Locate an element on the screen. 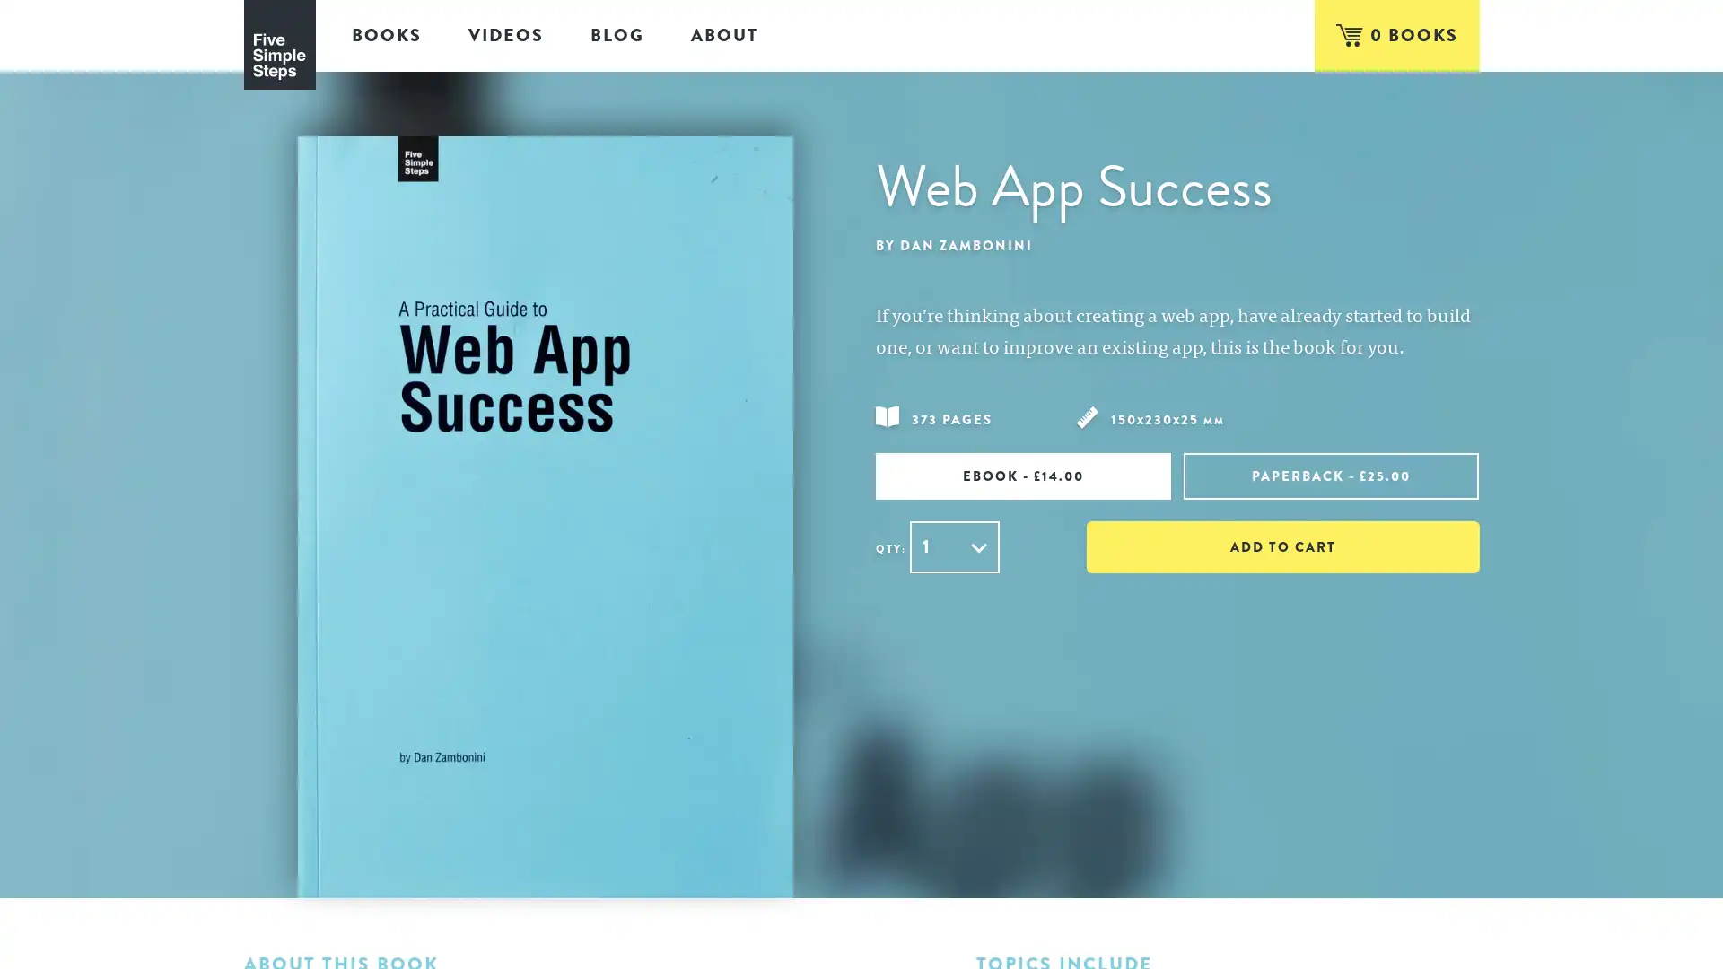 The width and height of the screenshot is (1723, 969). PAPERBACK - 25.00 is located at coordinates (1331, 475).